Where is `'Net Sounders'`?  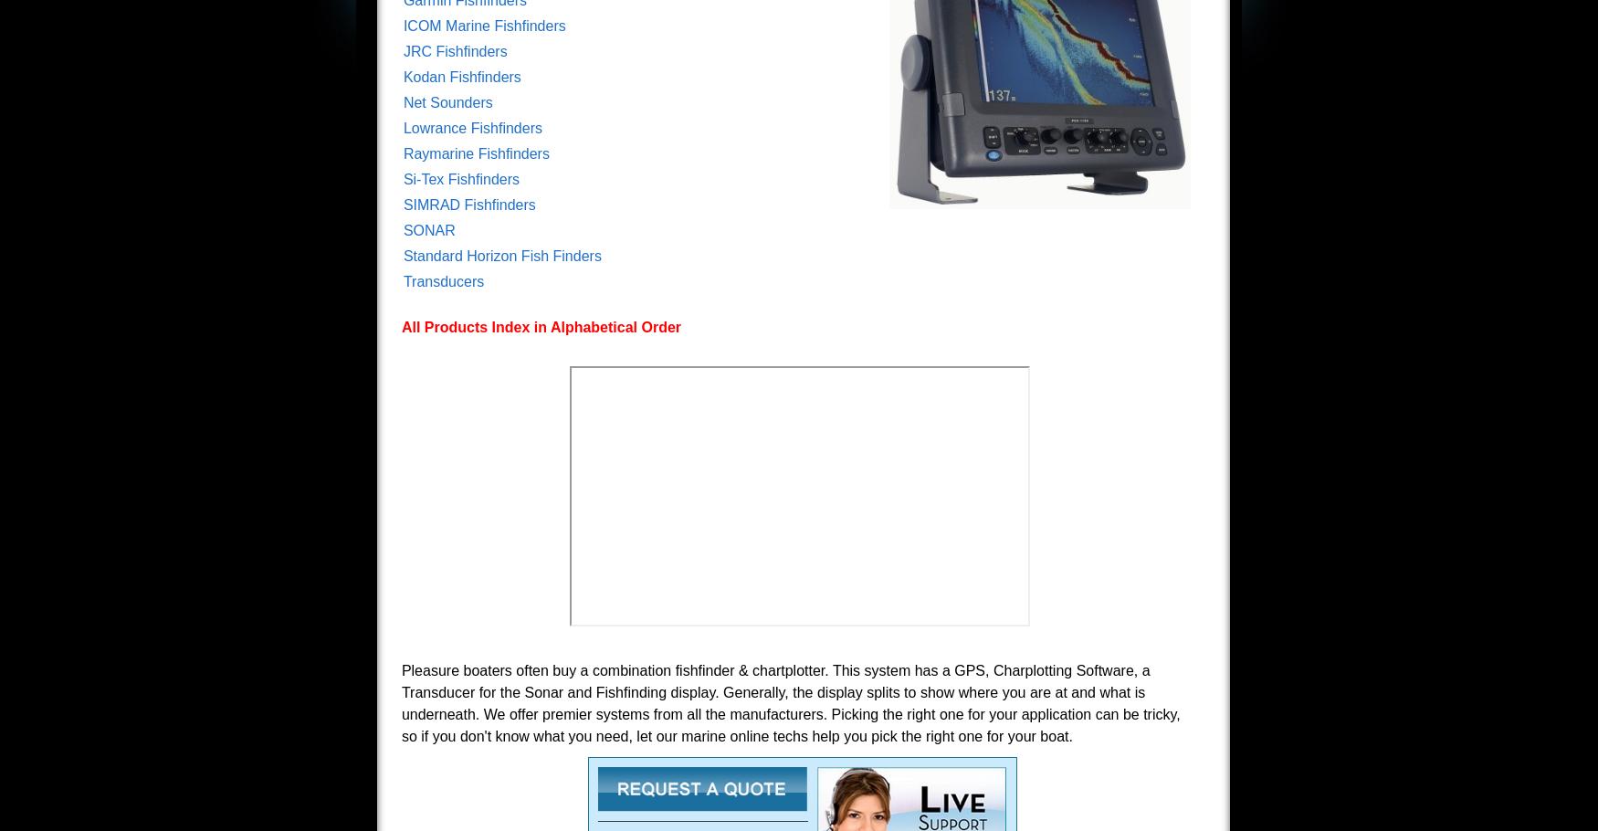
'Net Sounders' is located at coordinates (447, 102).